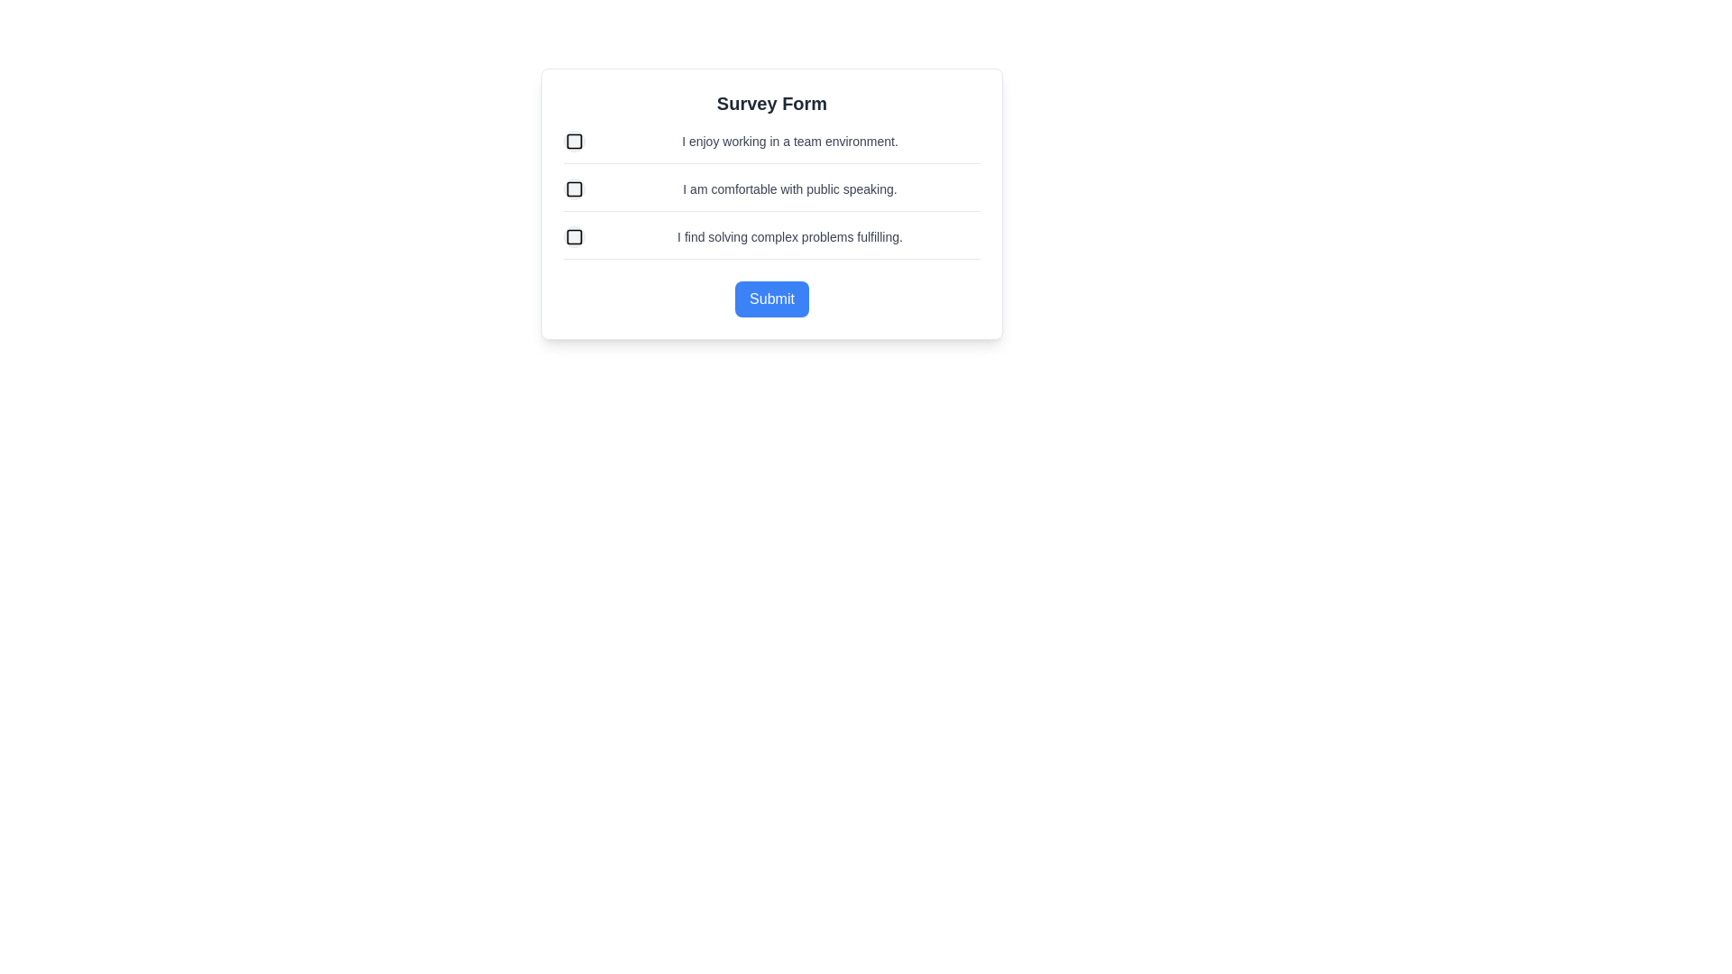 Image resolution: width=1732 pixels, height=974 pixels. I want to click on the checkbox indicator located in the second row of the survey form, directly to the left of the text 'I am comfortable with public speaking.', so click(574, 188).